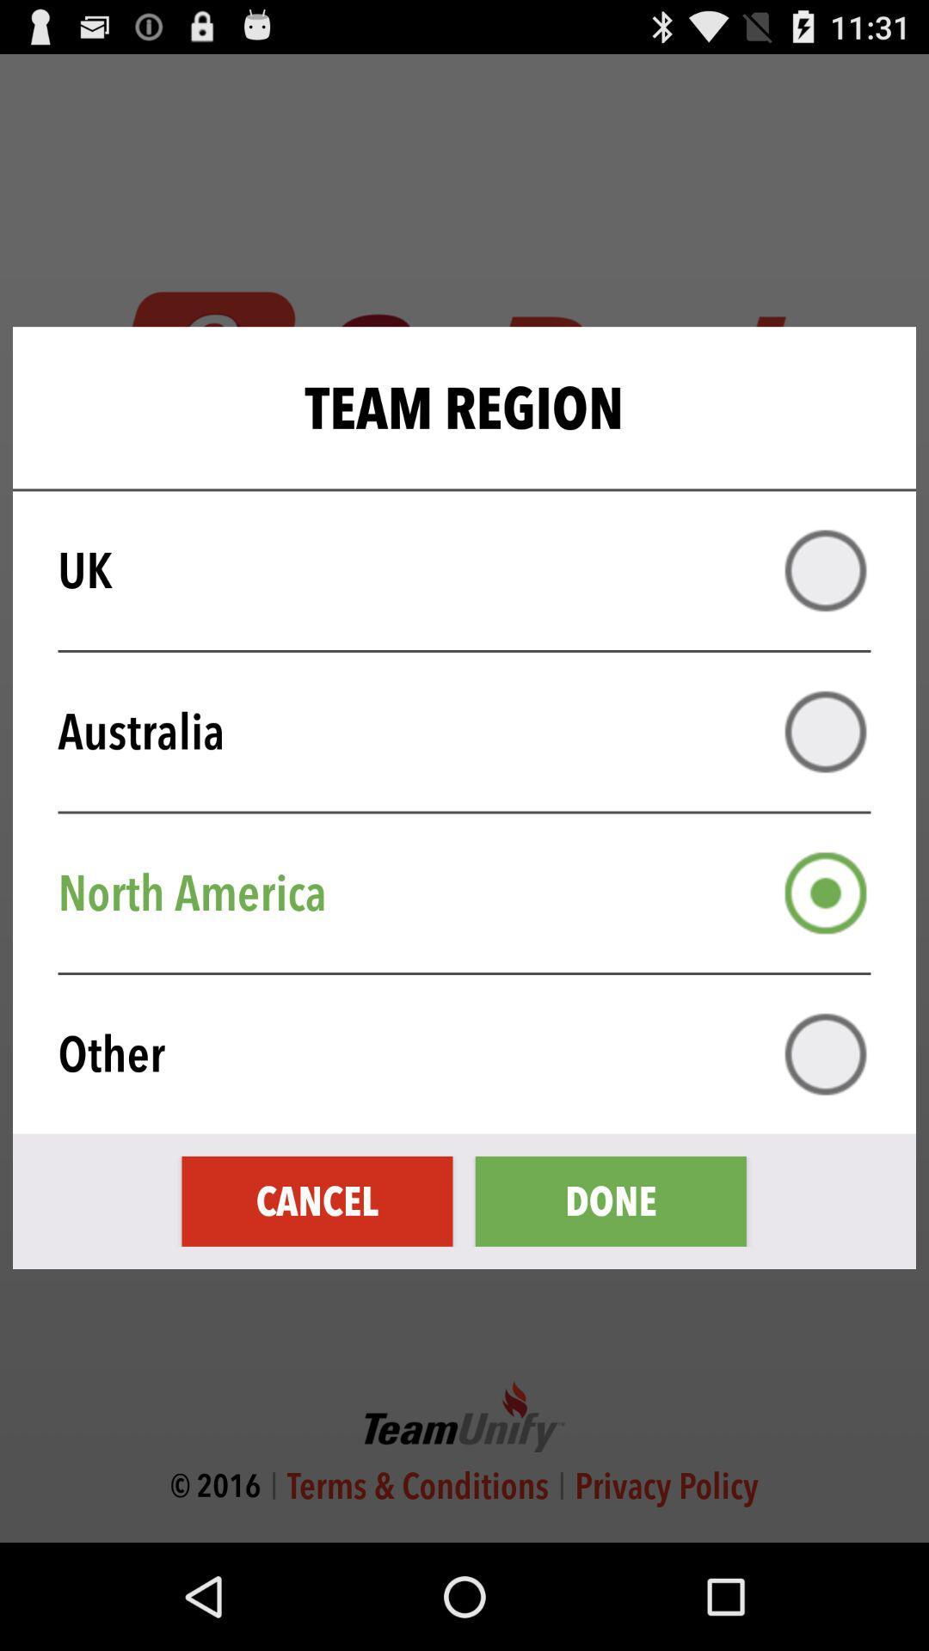 The width and height of the screenshot is (929, 1651). What do you see at coordinates (476, 732) in the screenshot?
I see `the australia item` at bounding box center [476, 732].